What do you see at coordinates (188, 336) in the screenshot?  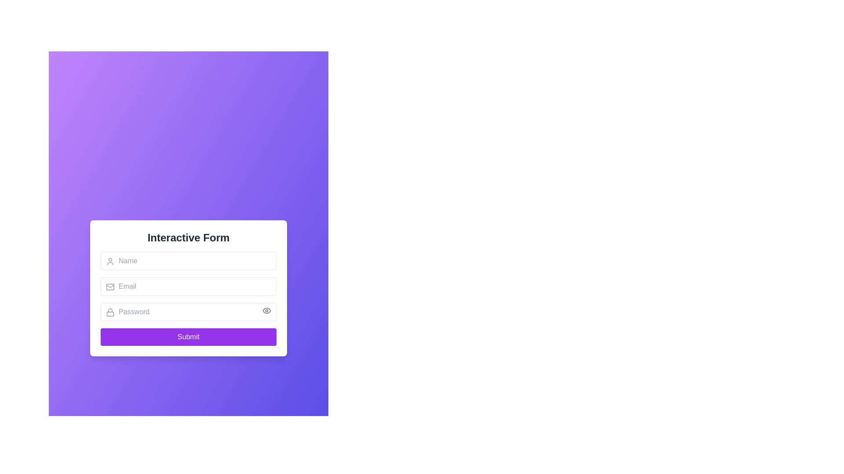 I see `the submission button located at the bottom of the form` at bounding box center [188, 336].